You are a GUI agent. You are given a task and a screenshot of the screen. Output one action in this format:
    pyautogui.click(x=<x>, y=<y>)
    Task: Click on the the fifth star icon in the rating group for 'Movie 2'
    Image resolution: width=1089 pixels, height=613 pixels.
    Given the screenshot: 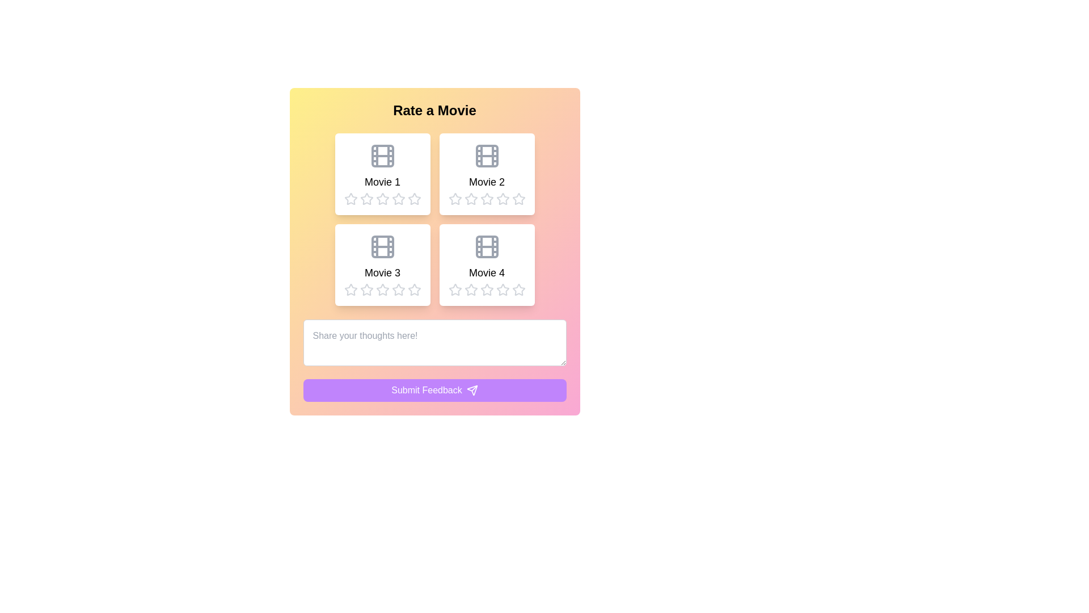 What is the action you would take?
    pyautogui.click(x=518, y=198)
    